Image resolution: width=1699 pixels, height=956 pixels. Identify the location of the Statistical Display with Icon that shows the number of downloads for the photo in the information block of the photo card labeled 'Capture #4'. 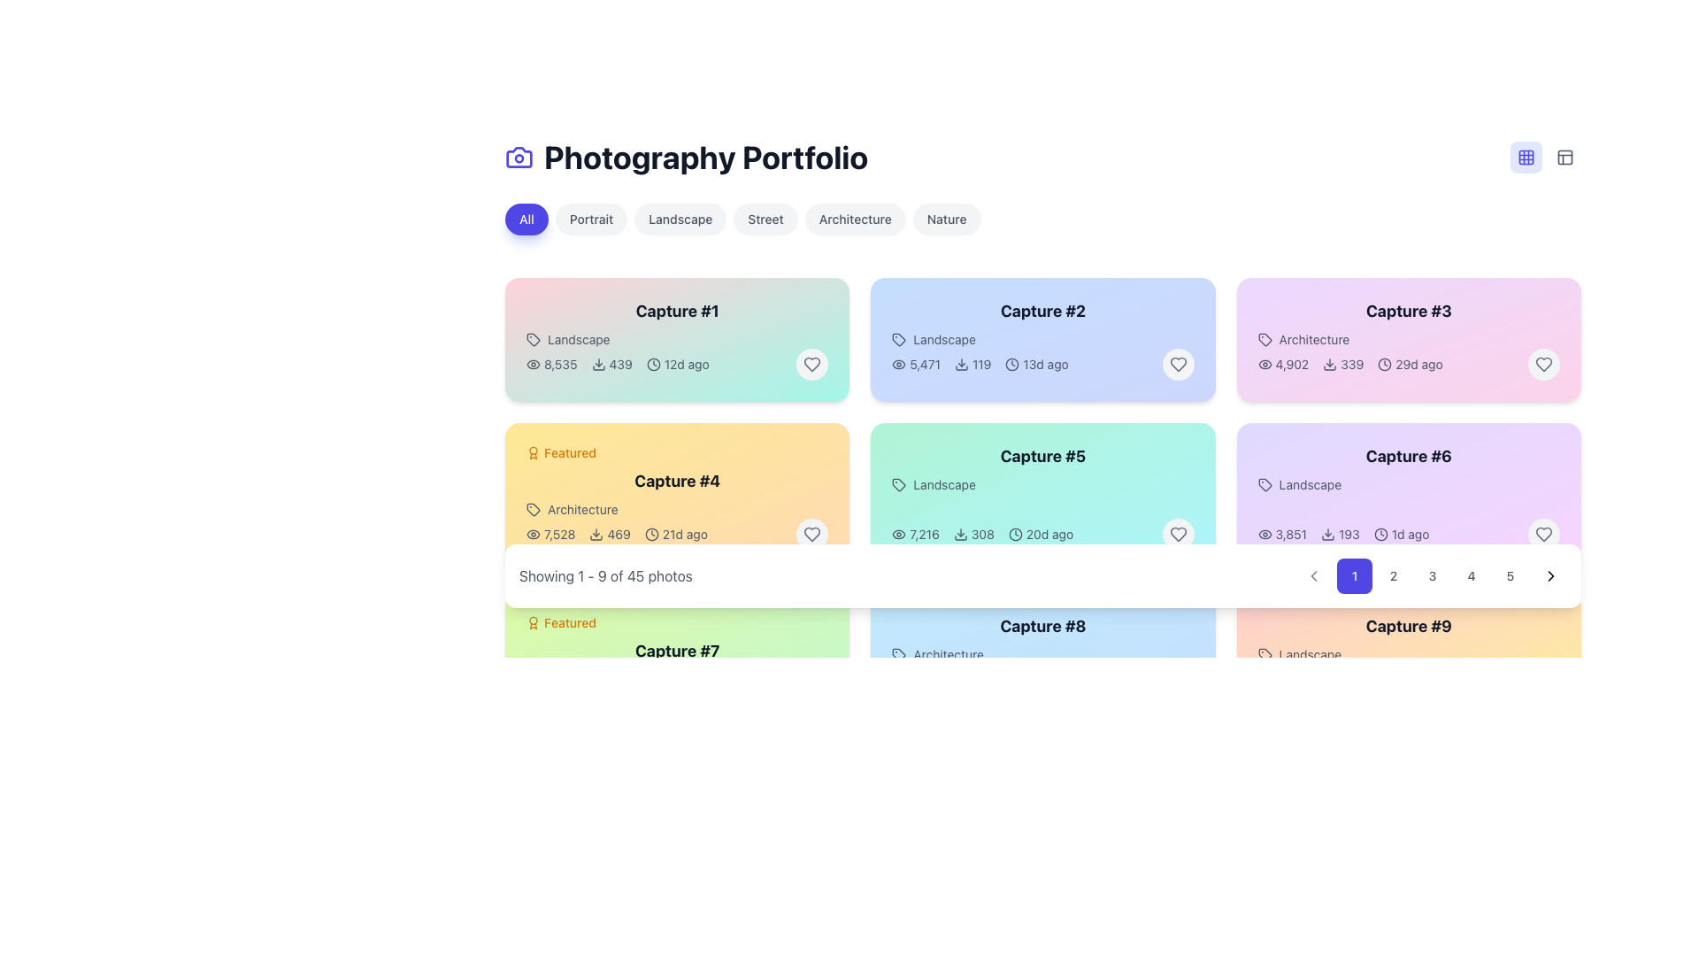
(610, 534).